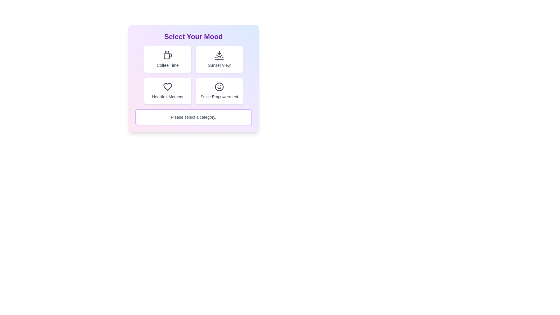 This screenshot has height=315, width=560. I want to click on the 'Sunset View' button, which is a rectangular button with rounded borders, a white background, and contains a sunset icon above the text in gray font, located in the grid layout as the second item in the top row, so click(219, 60).